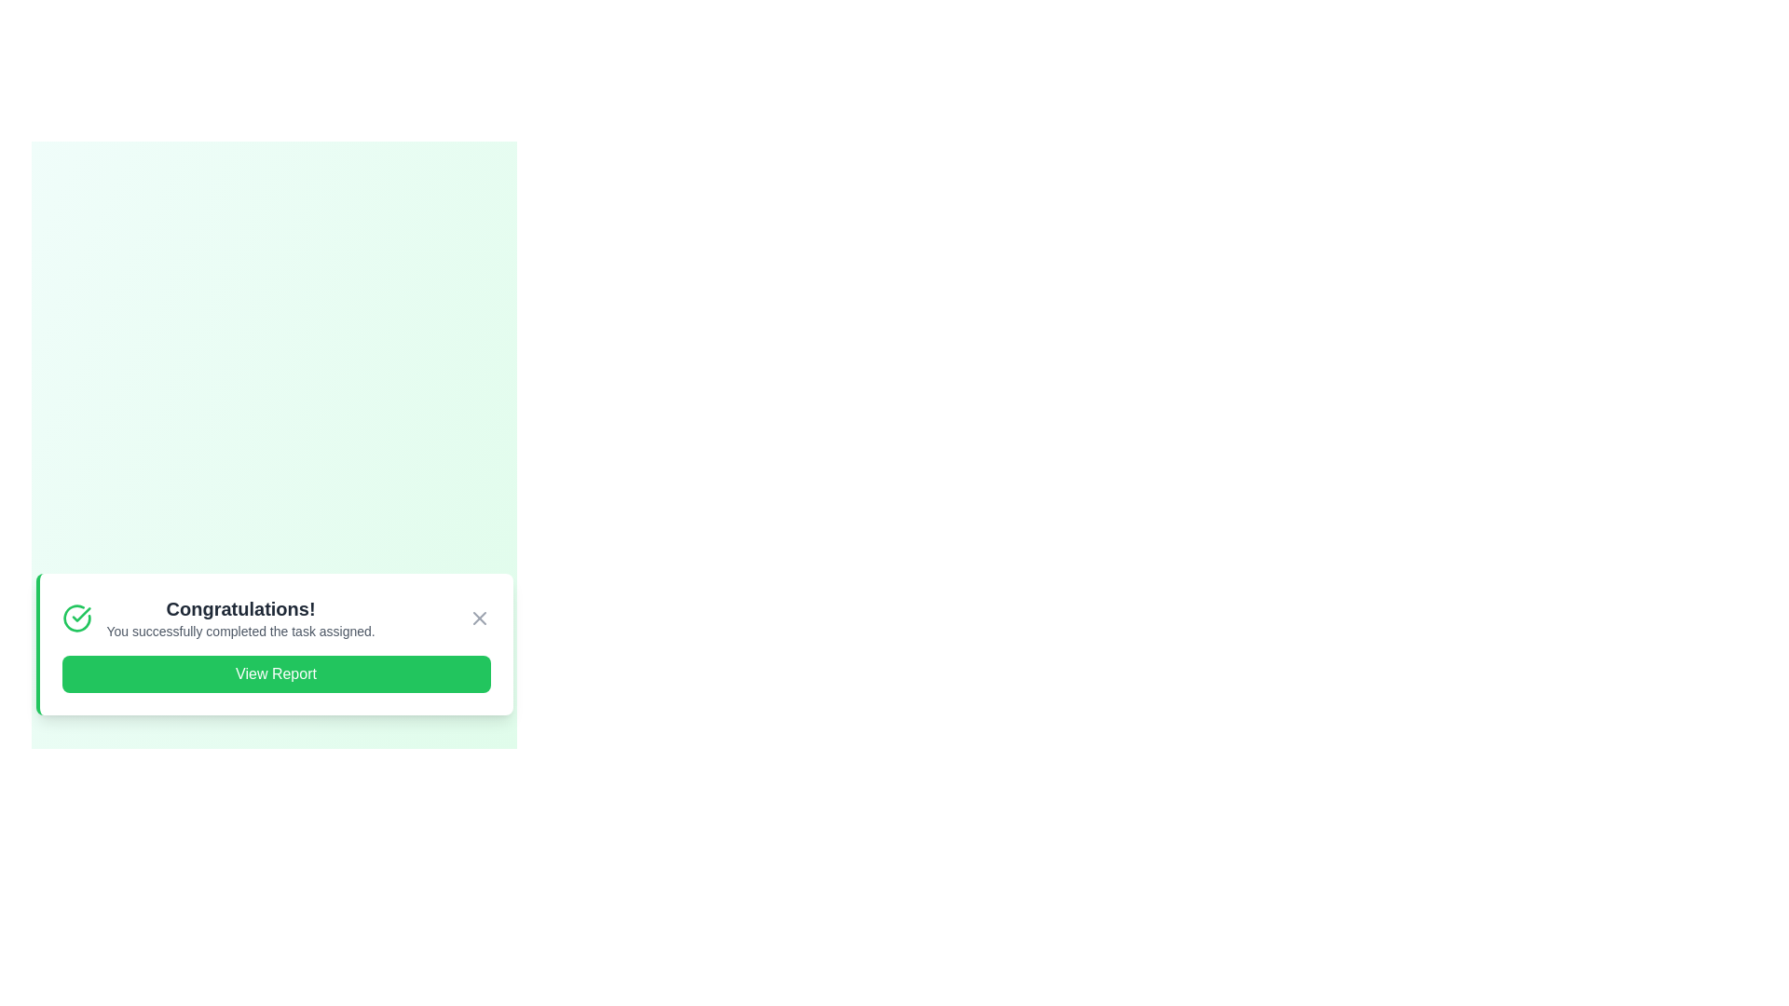 This screenshot has height=1006, width=1789. What do you see at coordinates (275, 674) in the screenshot?
I see `the 'View Report' button to view the report` at bounding box center [275, 674].